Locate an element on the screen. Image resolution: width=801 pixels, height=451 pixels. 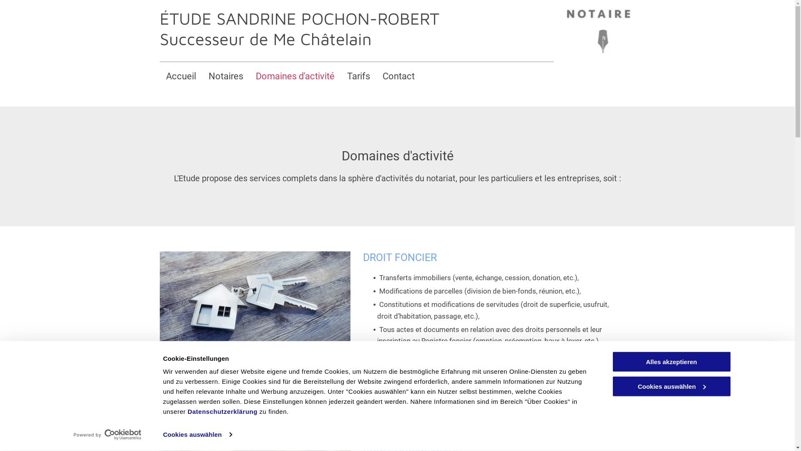
'Notaires' is located at coordinates (225, 76).